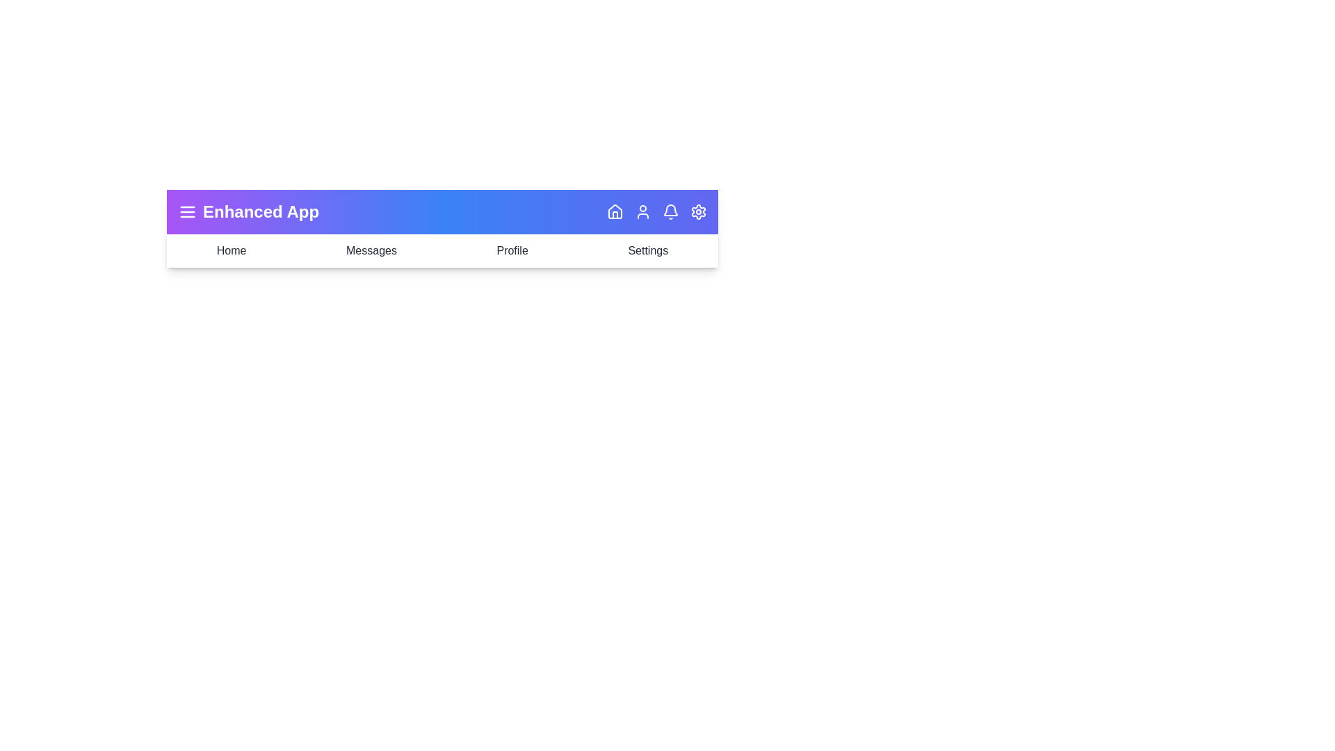 The width and height of the screenshot is (1335, 751). Describe the element at coordinates (647, 251) in the screenshot. I see `the navigation item Settings to see its hover effect` at that location.